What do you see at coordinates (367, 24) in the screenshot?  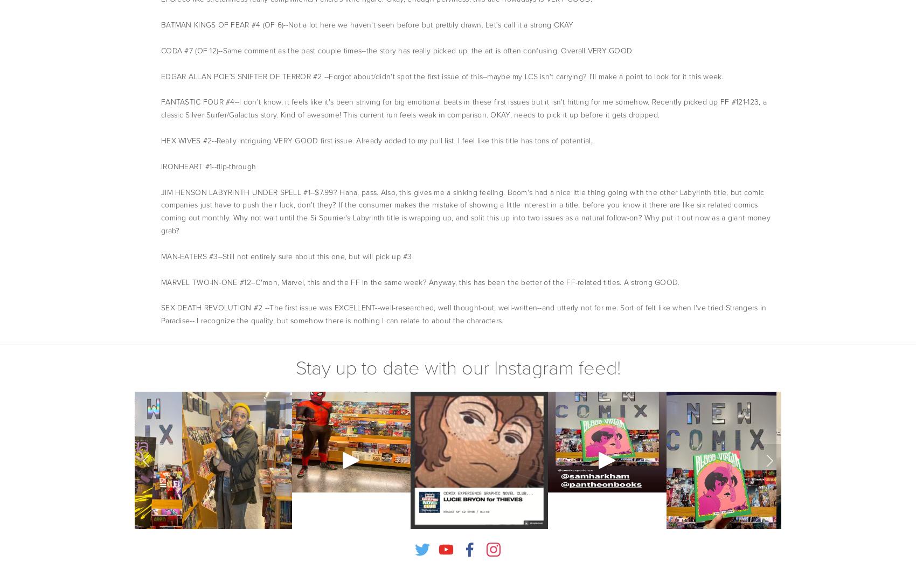 I see `'BATMAN KINGS OF FEAR #4 (OF 6)--Not a lot here we haven't seen before but prettily drawn. Let's call it a strong OKAY'` at bounding box center [367, 24].